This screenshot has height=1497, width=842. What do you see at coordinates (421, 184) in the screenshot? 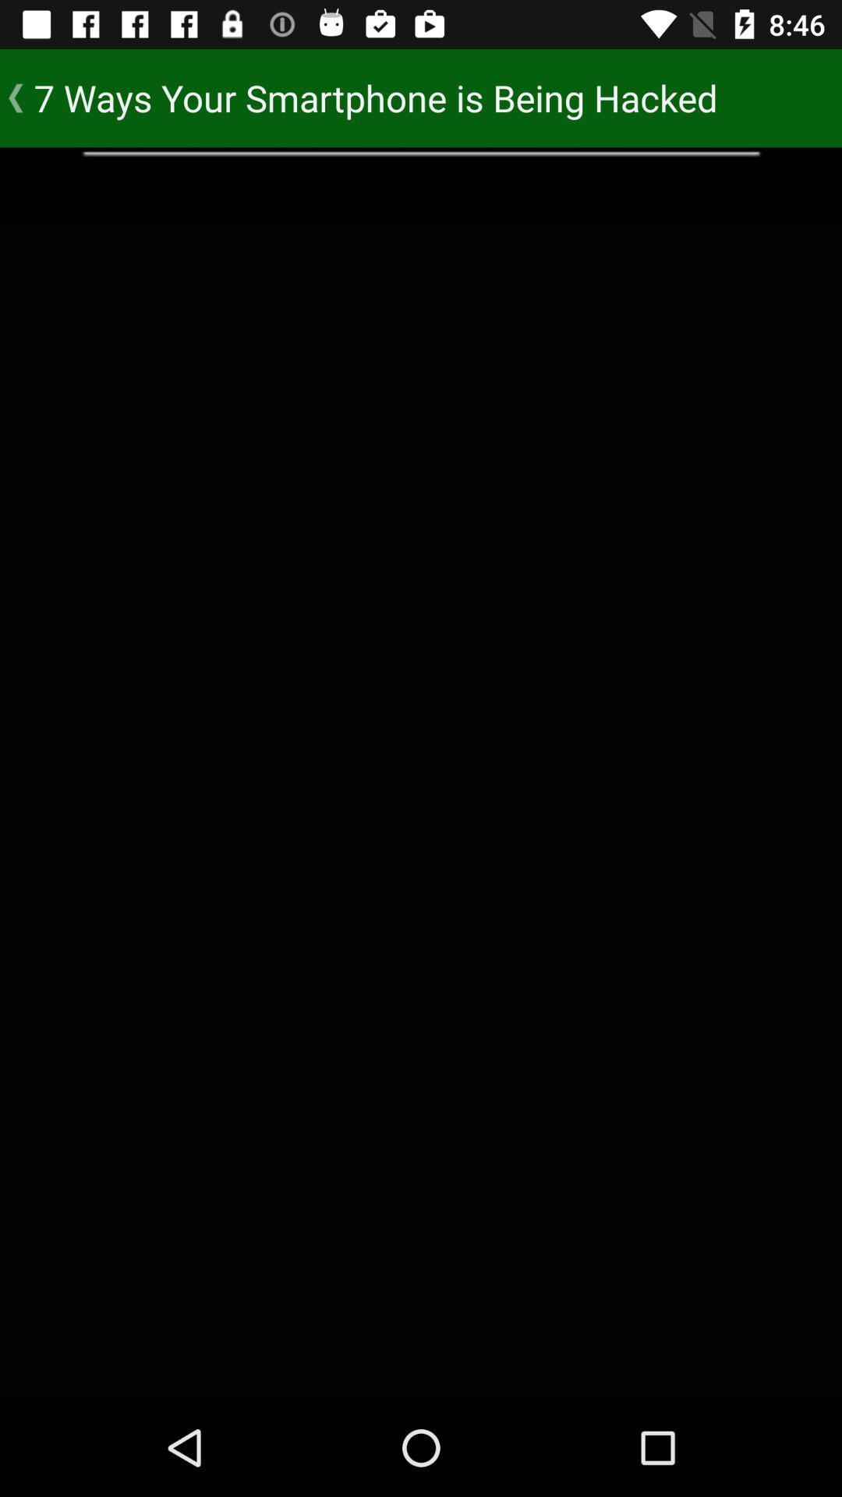
I see `the app below 7 ways your app` at bounding box center [421, 184].